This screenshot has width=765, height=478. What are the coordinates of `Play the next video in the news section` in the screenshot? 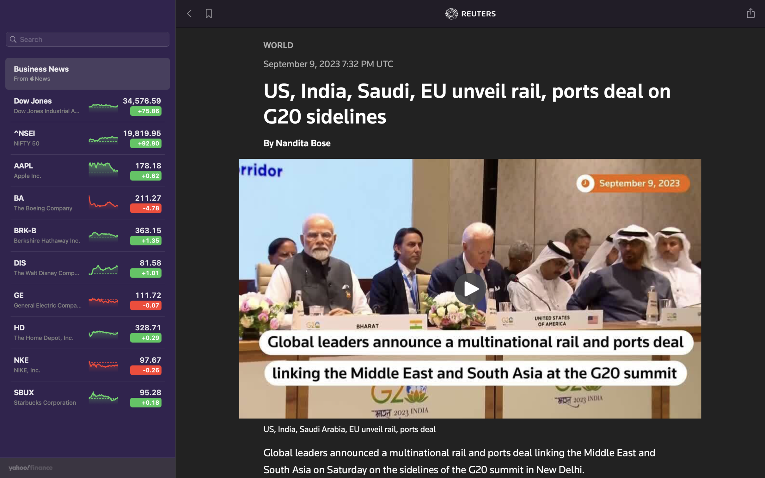 It's located at (470, 287).